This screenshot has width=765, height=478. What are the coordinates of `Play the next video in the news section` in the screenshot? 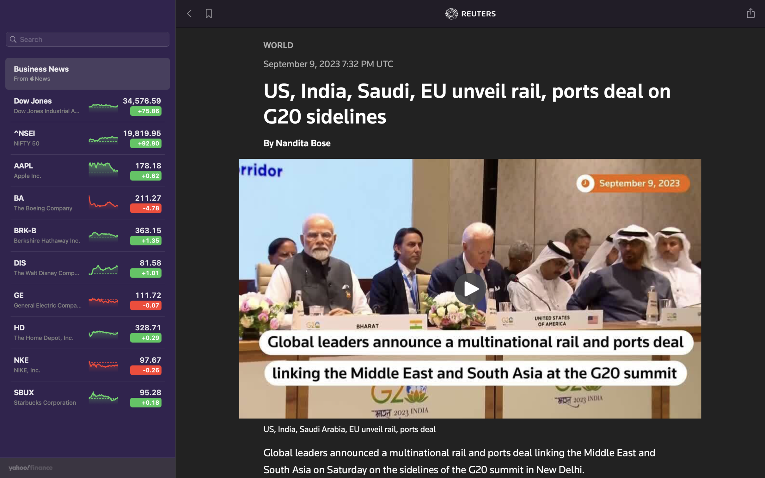 It's located at (470, 287).